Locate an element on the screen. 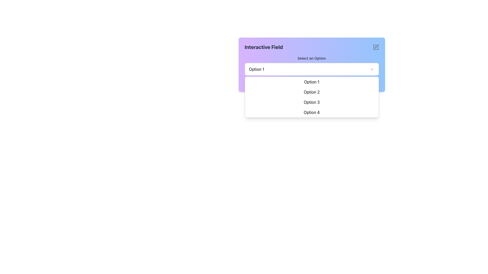 The image size is (488, 274). text label that says 'Select an Option', which is positioned above the dropdown component is located at coordinates (311, 58).